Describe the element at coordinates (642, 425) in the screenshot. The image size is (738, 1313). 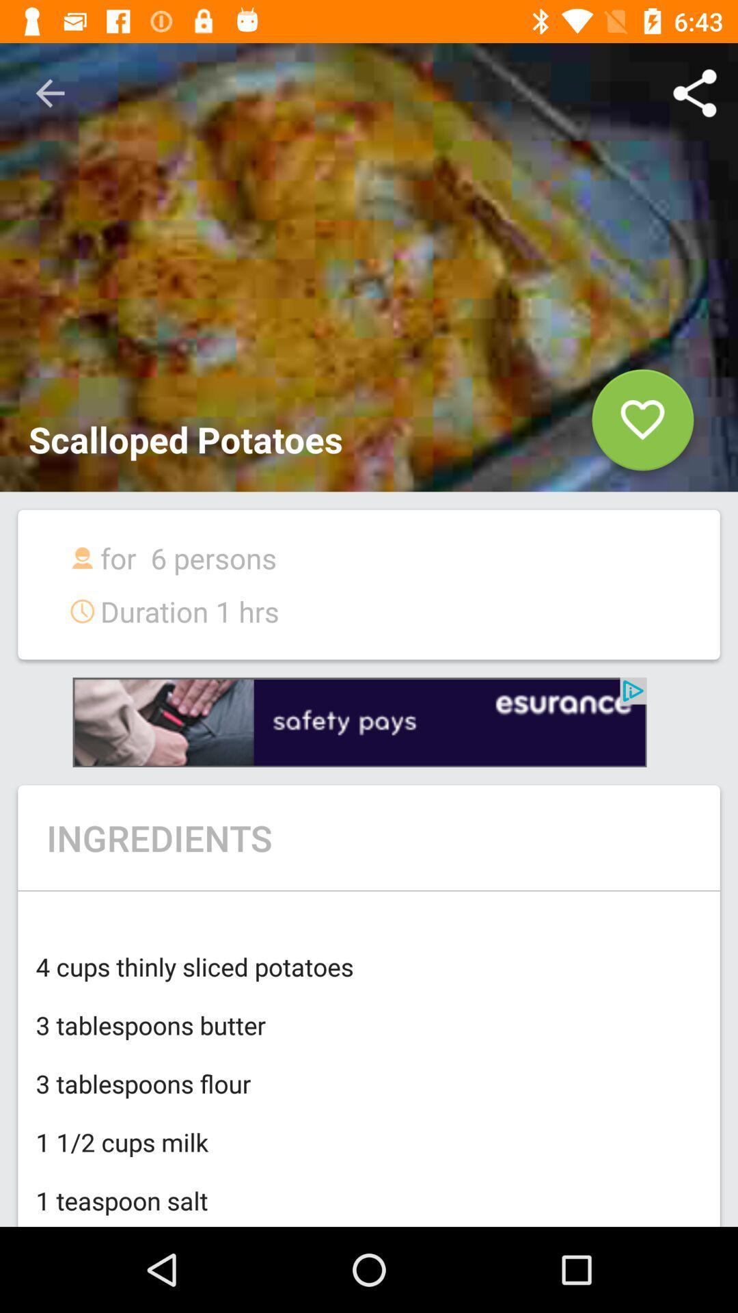
I see `like this recipe` at that location.